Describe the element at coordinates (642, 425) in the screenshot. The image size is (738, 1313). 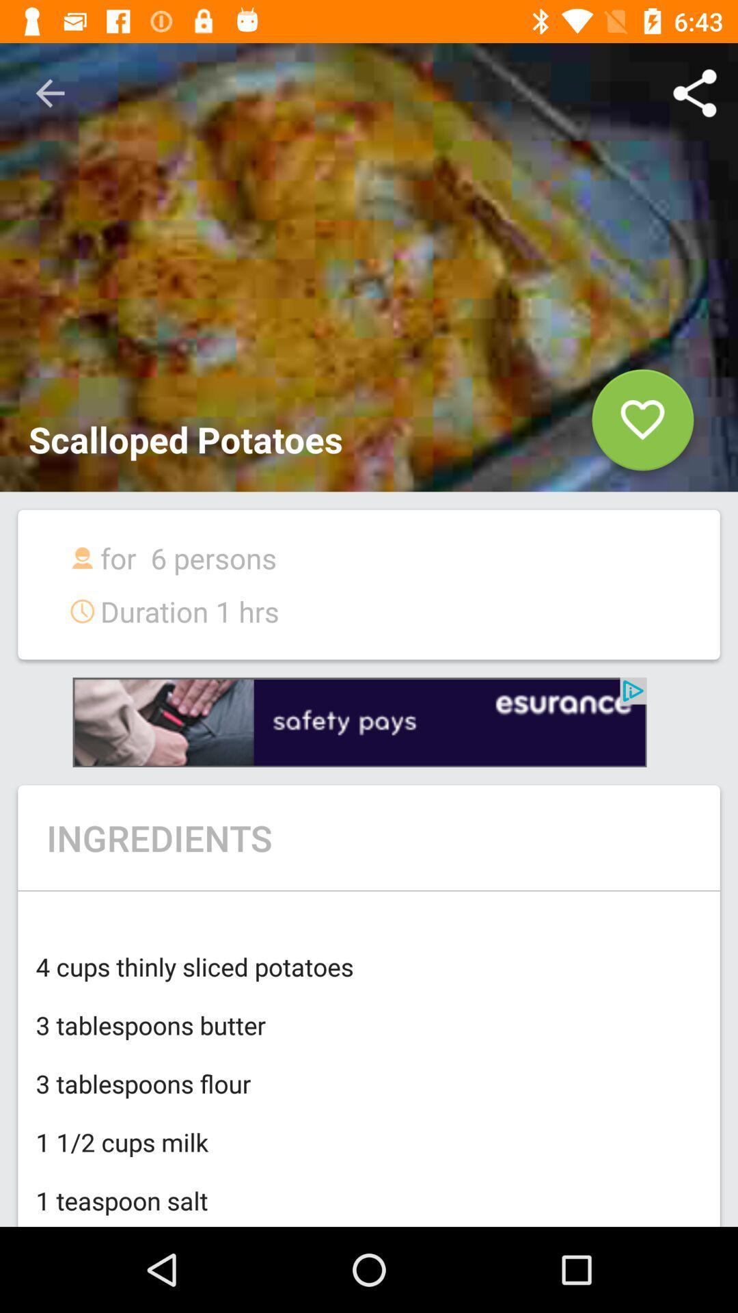
I see `like this recipe` at that location.